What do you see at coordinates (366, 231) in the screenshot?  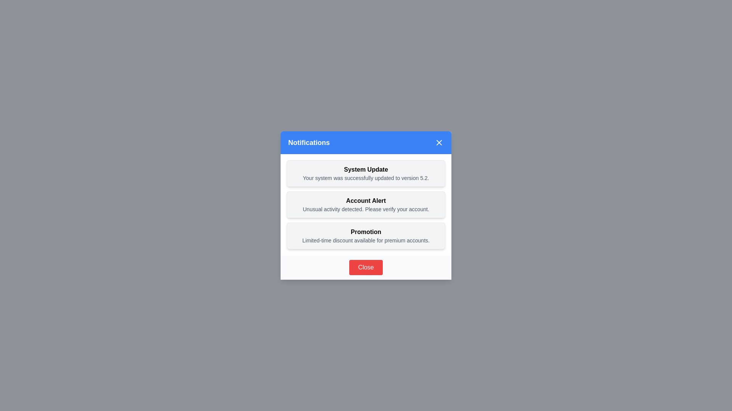 I see `the text label displaying the word 'Promotion', which is styled in a bold font and is positioned within a notification card at the center of the interface` at bounding box center [366, 231].